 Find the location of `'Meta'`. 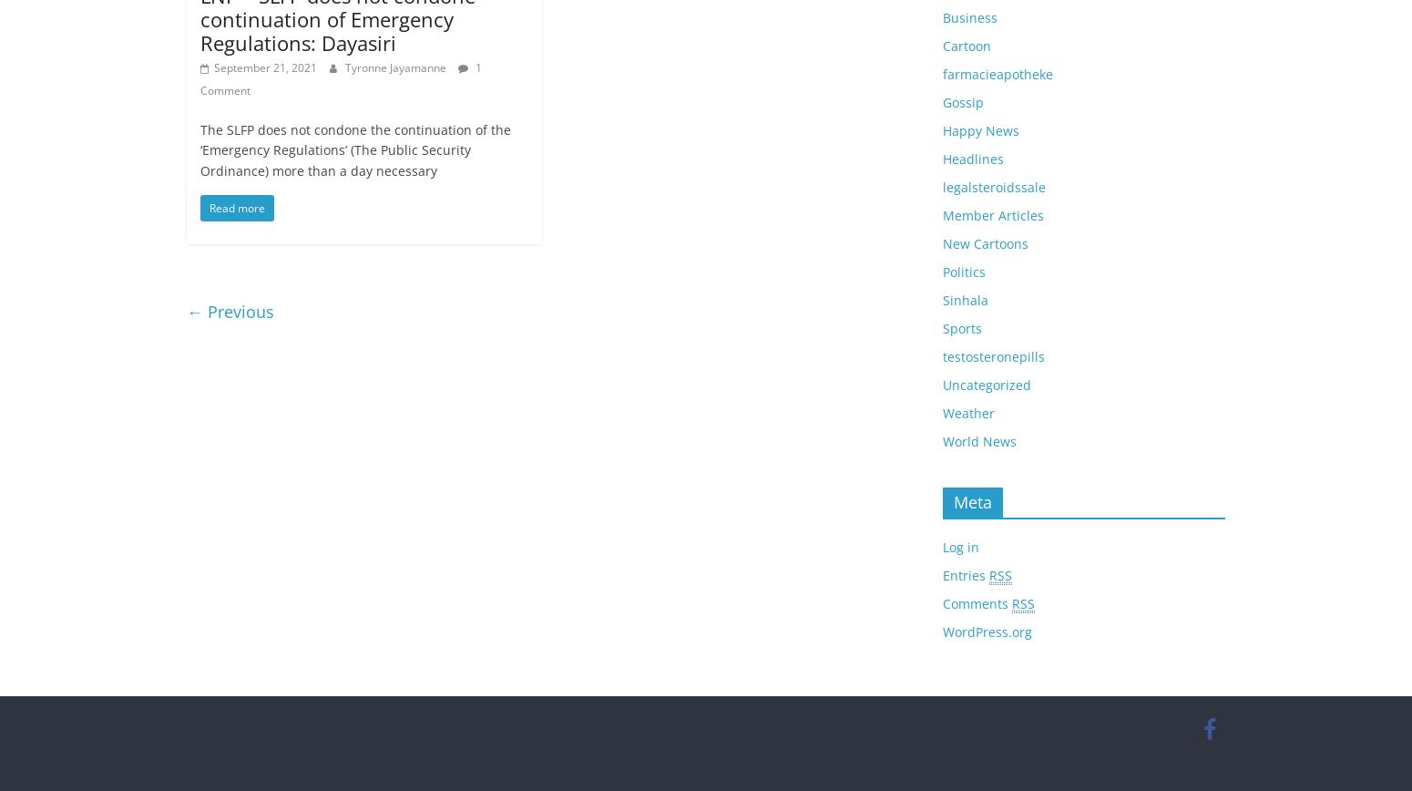

'Meta' is located at coordinates (972, 500).